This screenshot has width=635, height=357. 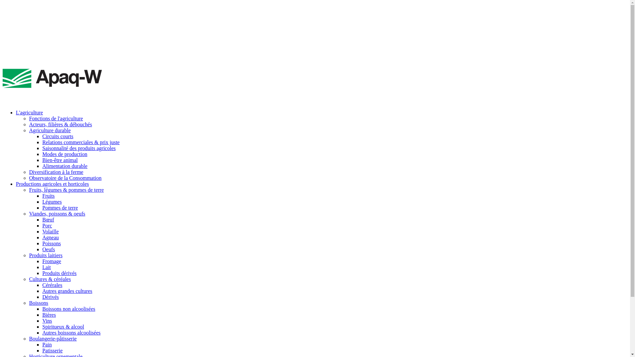 What do you see at coordinates (65, 154) in the screenshot?
I see `'Modes de production'` at bounding box center [65, 154].